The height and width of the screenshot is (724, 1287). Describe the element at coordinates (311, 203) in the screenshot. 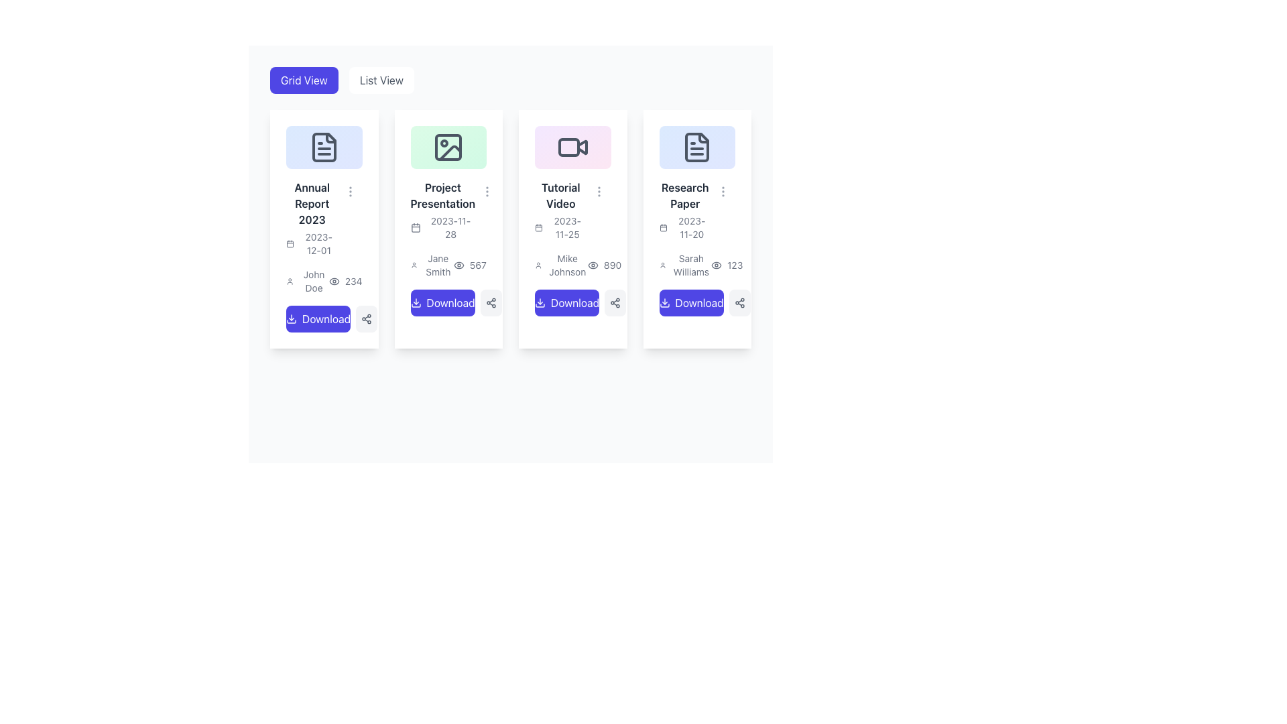

I see `label or title text indicating 'Annual Report' for the year 2023, located at the top of the first card in the grid layout` at that location.